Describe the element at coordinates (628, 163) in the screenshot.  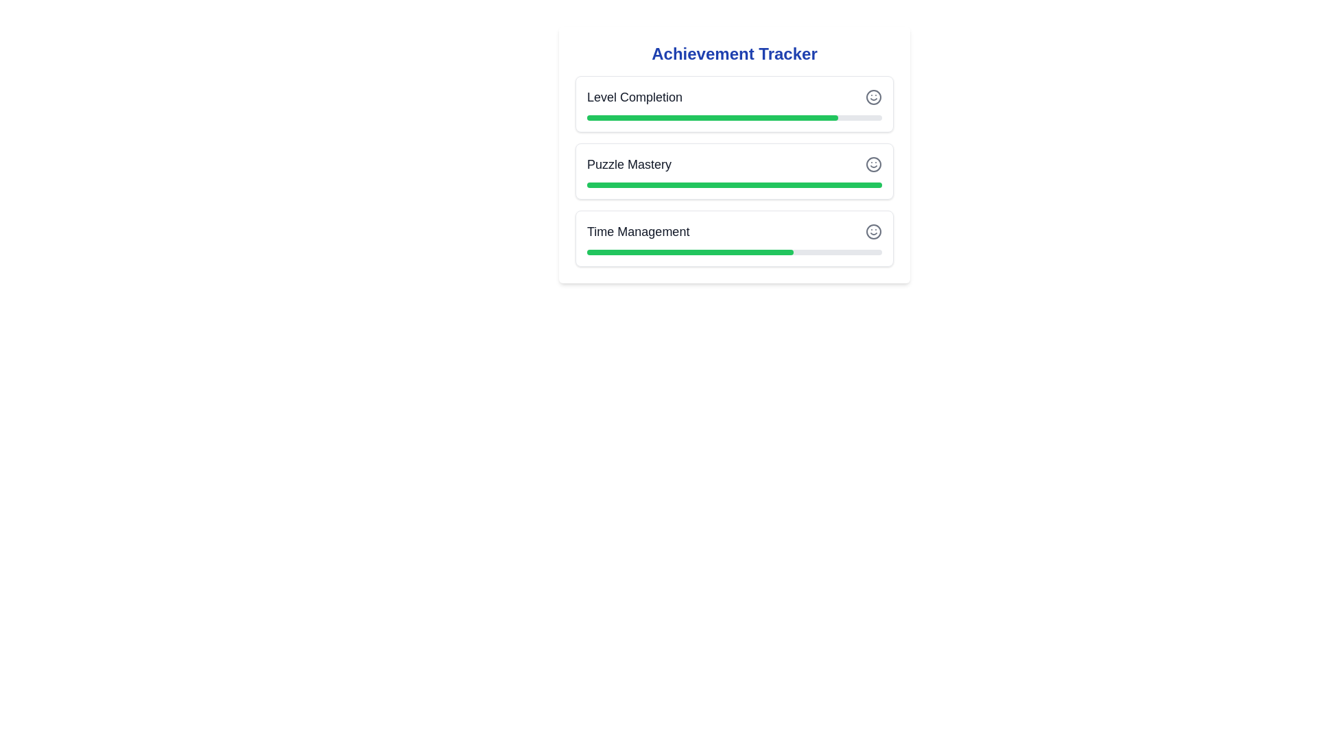
I see `text label that serves as the header for the 'Puzzle Mastery' section, which is centrally positioned in the second row of the 'Achievement Tracker' interface, above a green progress bar` at that location.